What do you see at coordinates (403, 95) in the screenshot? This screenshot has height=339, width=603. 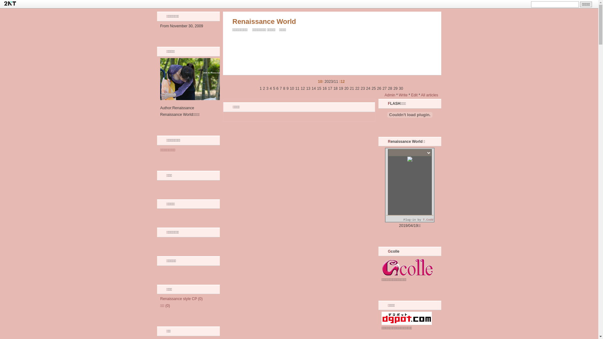 I see `'Write'` at bounding box center [403, 95].